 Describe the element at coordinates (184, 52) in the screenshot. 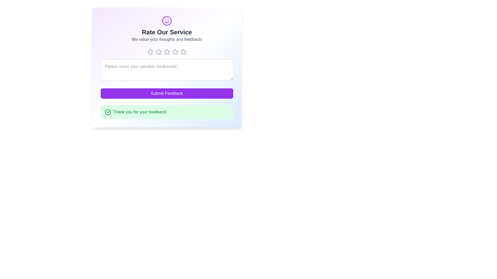

I see `the fifth rating star icon` at that location.